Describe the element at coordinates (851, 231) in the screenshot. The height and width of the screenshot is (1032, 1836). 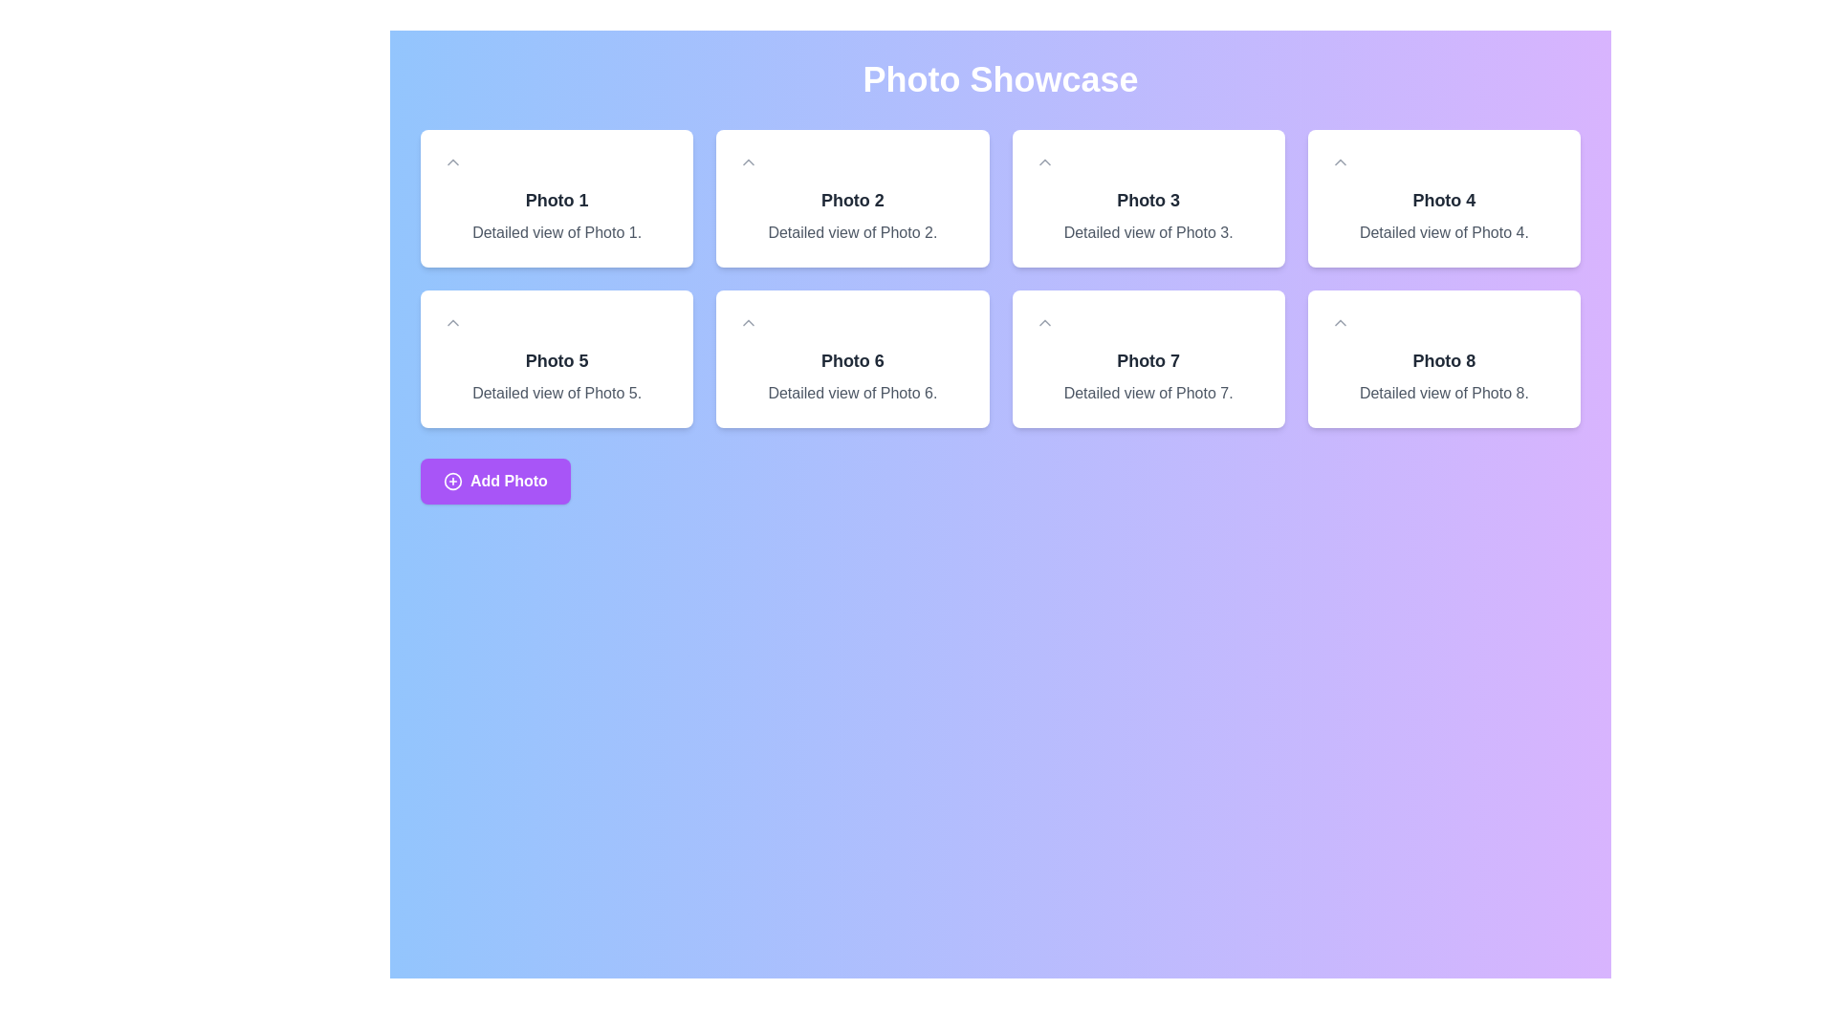
I see `detailed descriptive text located below the title 'Photo 2' in the second card of the grid layout` at that location.